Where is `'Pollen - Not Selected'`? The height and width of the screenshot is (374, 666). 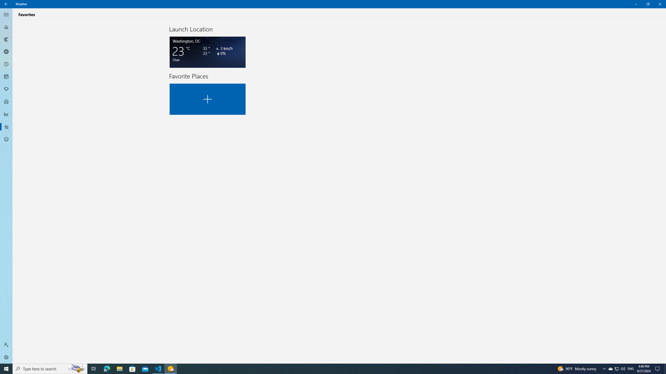
'Pollen - Not Selected' is located at coordinates (6, 89).